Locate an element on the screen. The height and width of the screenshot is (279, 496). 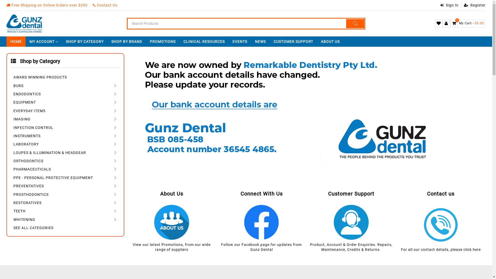
'PHARMACEUTICALS' is located at coordinates (65, 169).